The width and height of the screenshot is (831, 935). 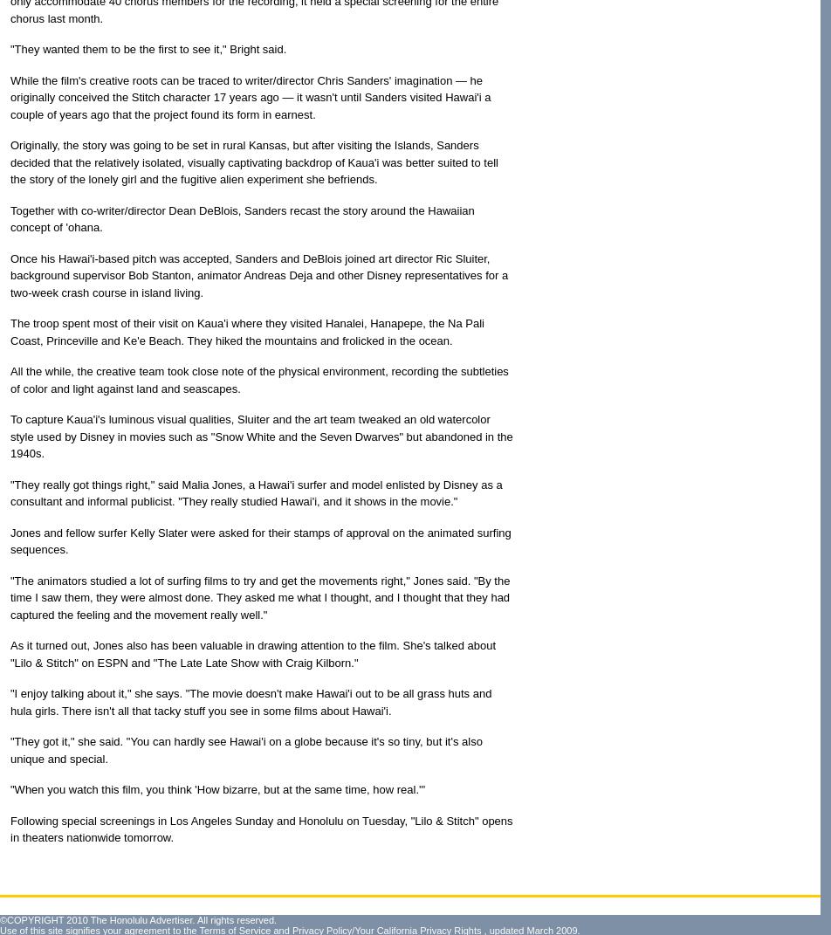 What do you see at coordinates (247, 330) in the screenshot?
I see `'The troop spent most of their visit on Kaua'i where they visited Hanalei, Hanapepe, the Na Pali Coast, Princeville and Ke'e Beach. They hiked the mountains and frolicked in the ocean.'` at bounding box center [247, 330].